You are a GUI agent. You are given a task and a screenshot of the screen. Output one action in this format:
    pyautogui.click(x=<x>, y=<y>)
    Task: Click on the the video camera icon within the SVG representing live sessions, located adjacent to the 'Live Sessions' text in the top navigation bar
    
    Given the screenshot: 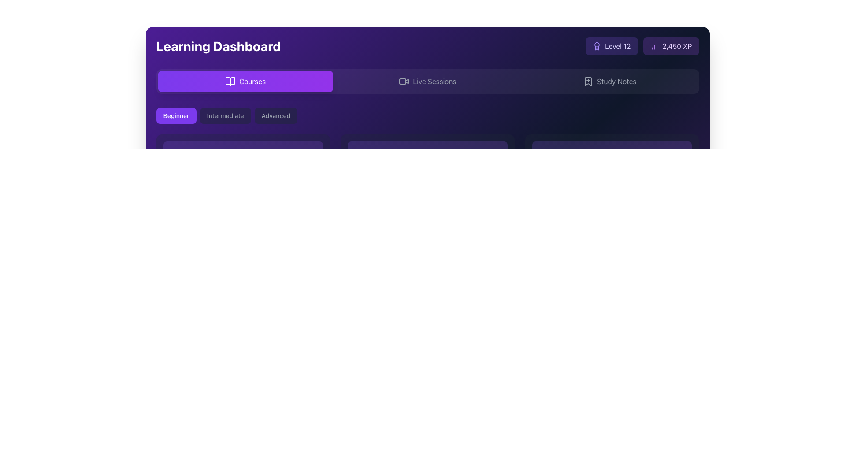 What is the action you would take?
    pyautogui.click(x=402, y=82)
    